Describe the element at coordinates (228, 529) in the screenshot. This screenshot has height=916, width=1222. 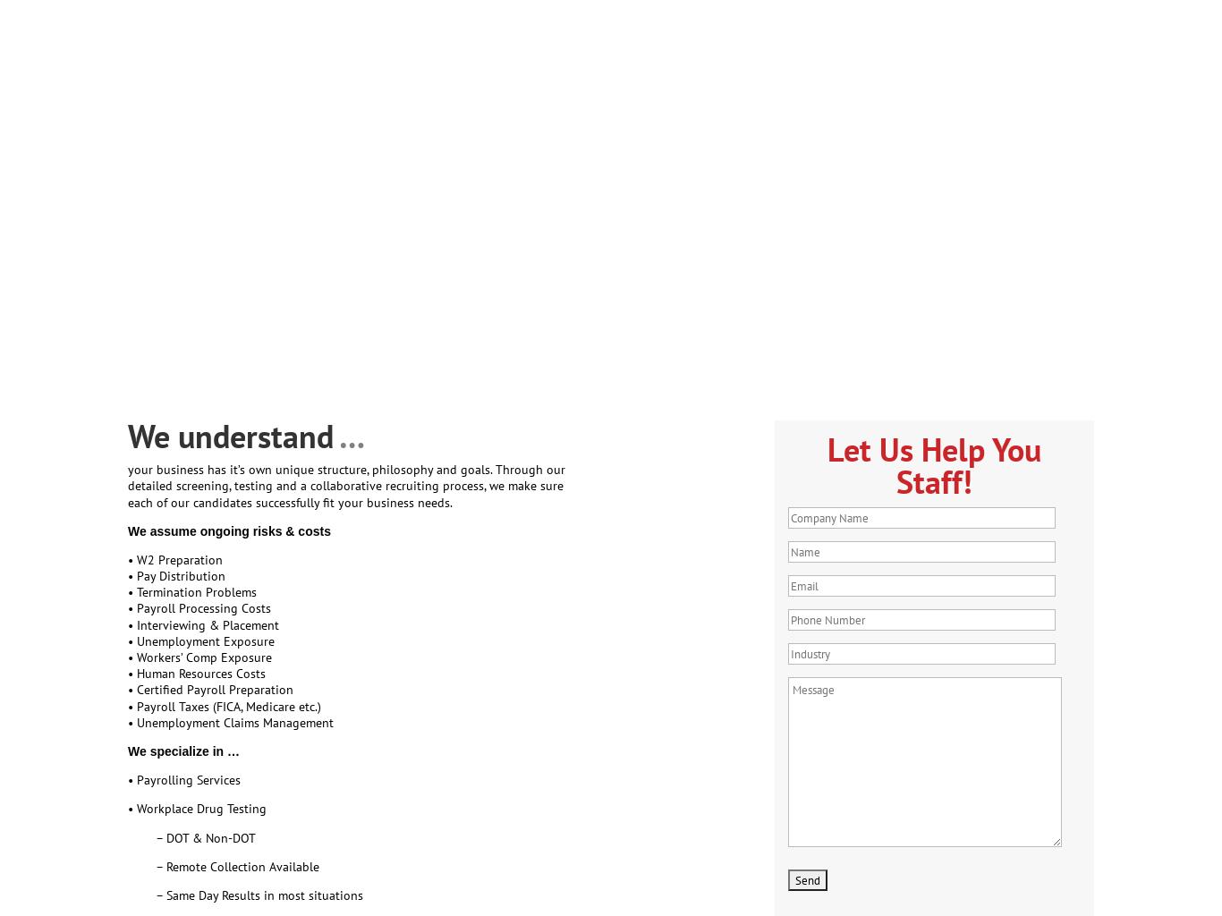
I see `'We assume ongoing risks & costs'` at that location.